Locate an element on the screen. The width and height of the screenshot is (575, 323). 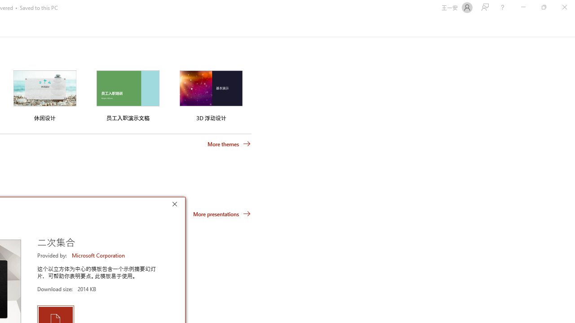
'More themes' is located at coordinates (229, 144).